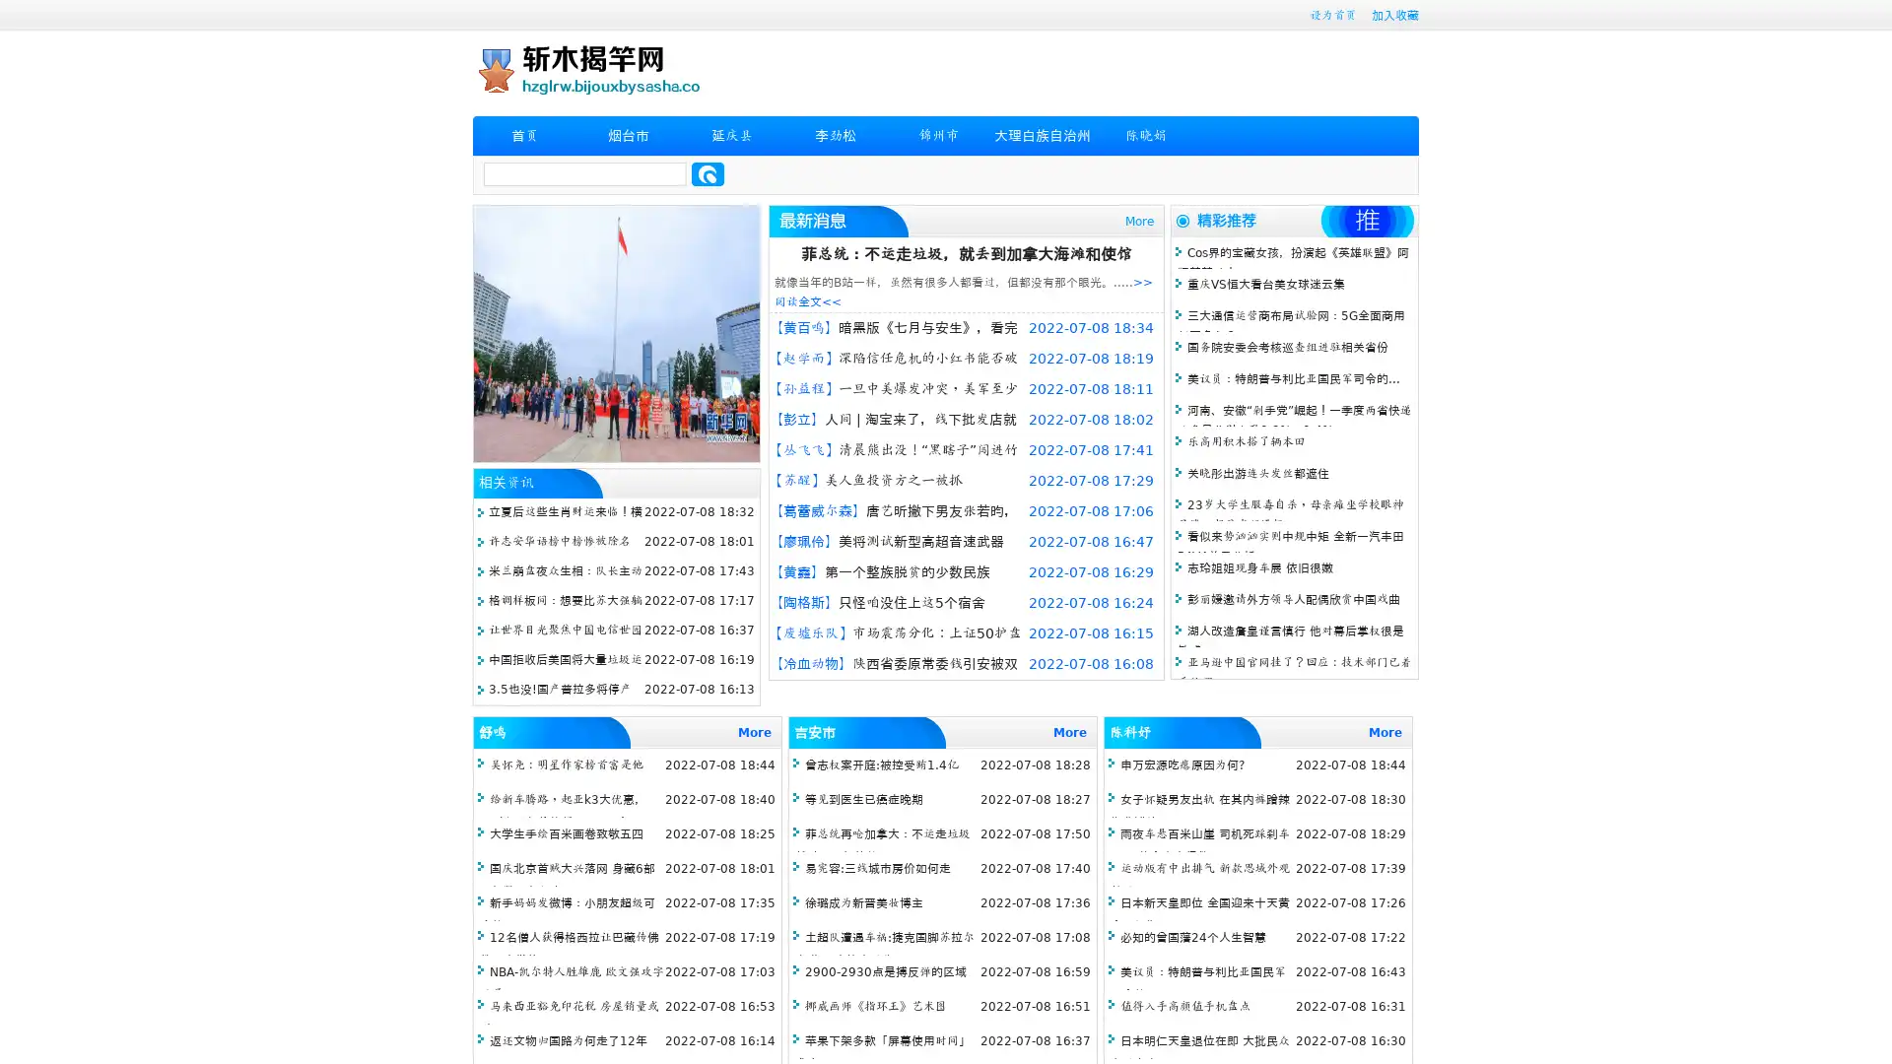  What do you see at coordinates (708, 173) in the screenshot?
I see `Search` at bounding box center [708, 173].